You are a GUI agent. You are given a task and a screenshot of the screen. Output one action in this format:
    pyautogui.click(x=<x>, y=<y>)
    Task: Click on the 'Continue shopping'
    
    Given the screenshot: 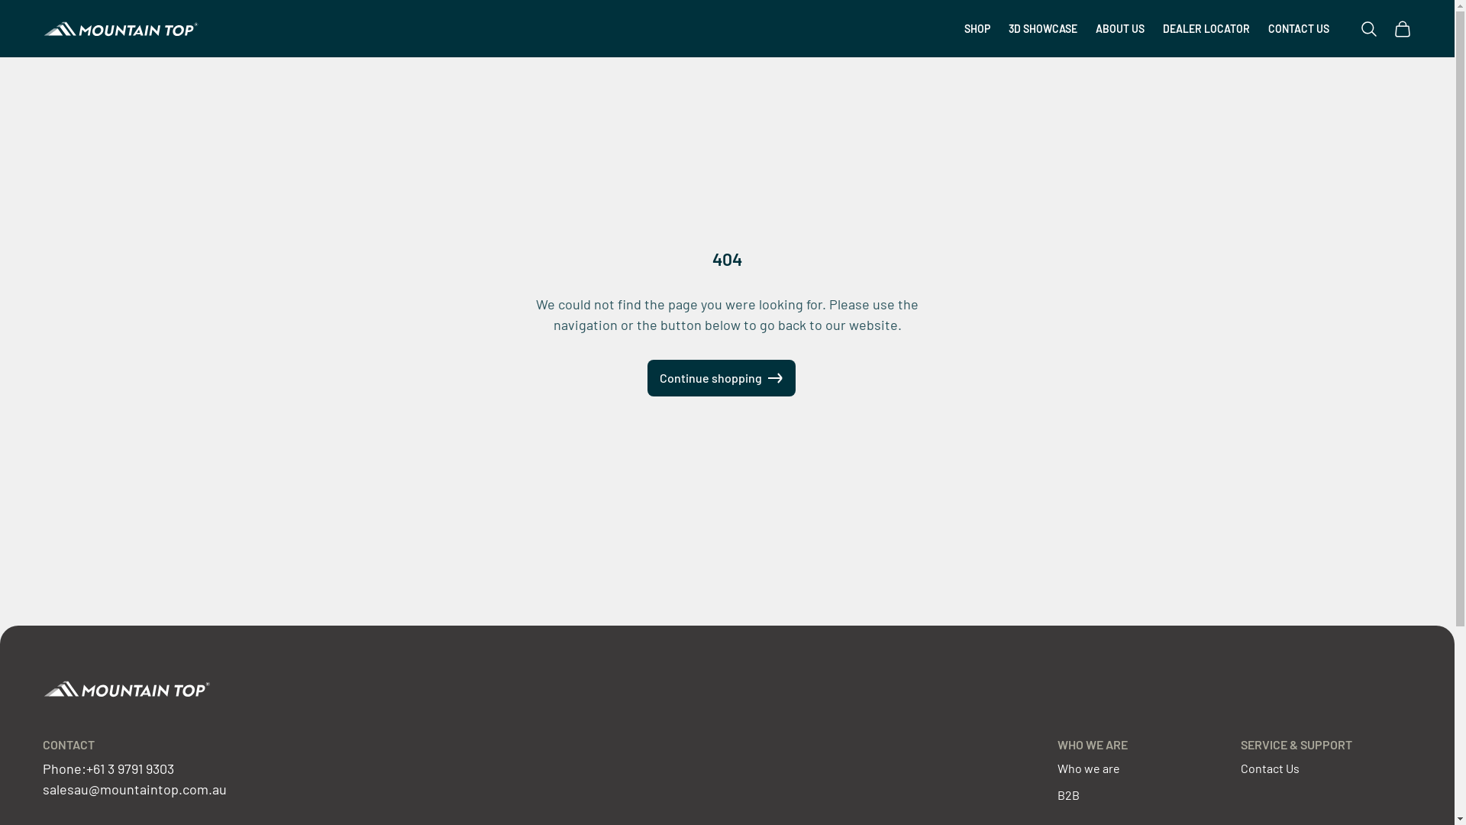 What is the action you would take?
    pyautogui.click(x=721, y=377)
    